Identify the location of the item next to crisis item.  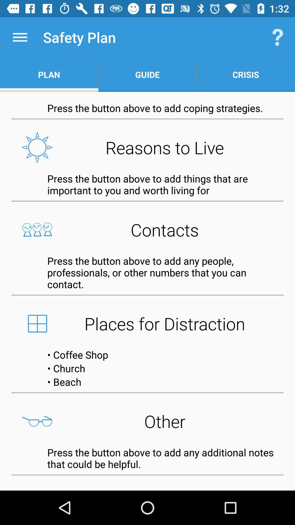
(147, 74).